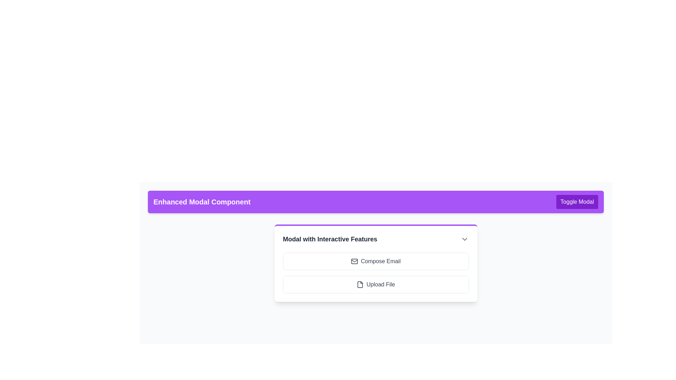 This screenshot has width=676, height=380. I want to click on the design representation of the email compose icon located to the left of the text 'Compose Email' in the modal titled 'Modal with Interactive Features', so click(355, 261).